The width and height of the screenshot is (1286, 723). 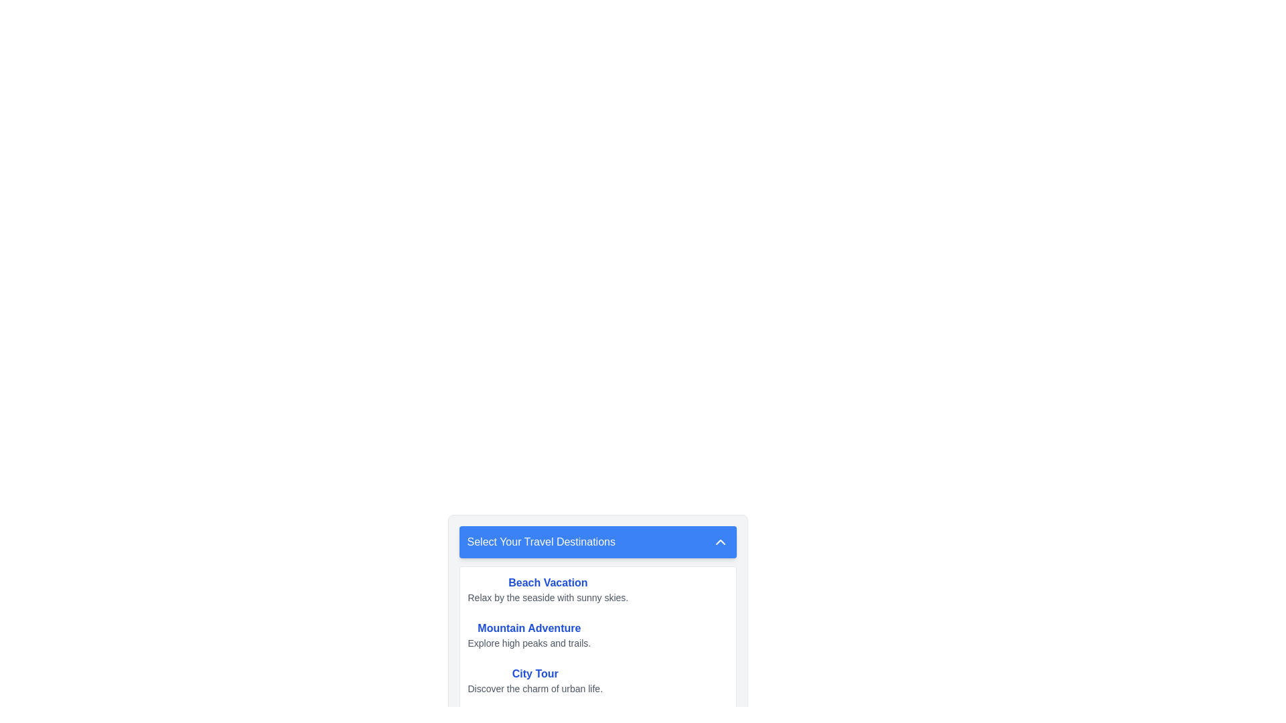 I want to click on the icon button located in the header section labeled 'Select Your Travel Destinations', aligned to the right side adjacent to the text content, so click(x=719, y=542).